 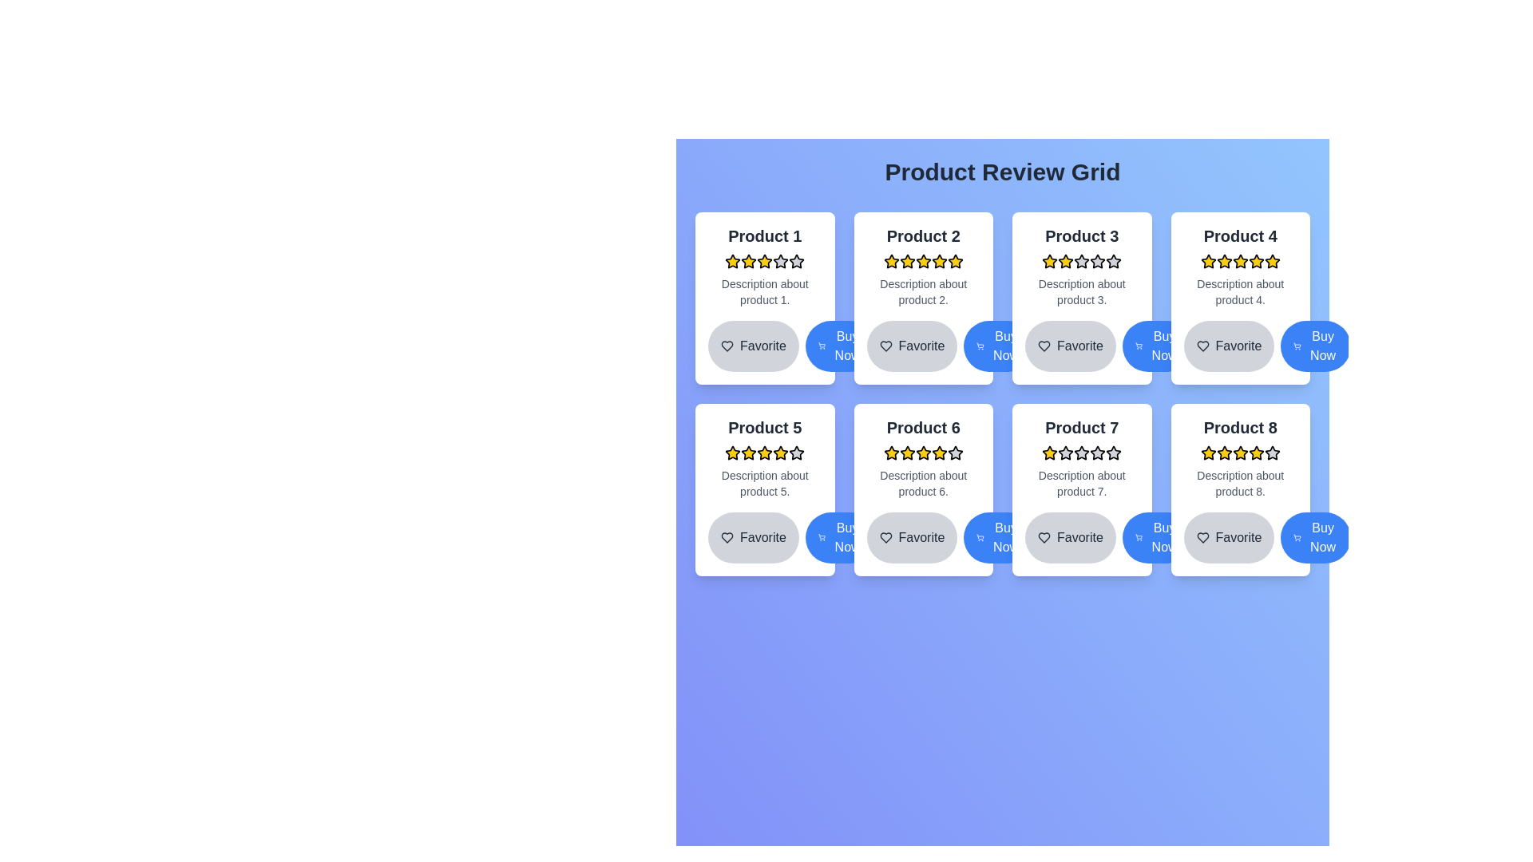 I want to click on the fourth star icon in the five-star rating system for 'Product 4', which is represented by a yellow star with black borders, so click(x=1239, y=260).